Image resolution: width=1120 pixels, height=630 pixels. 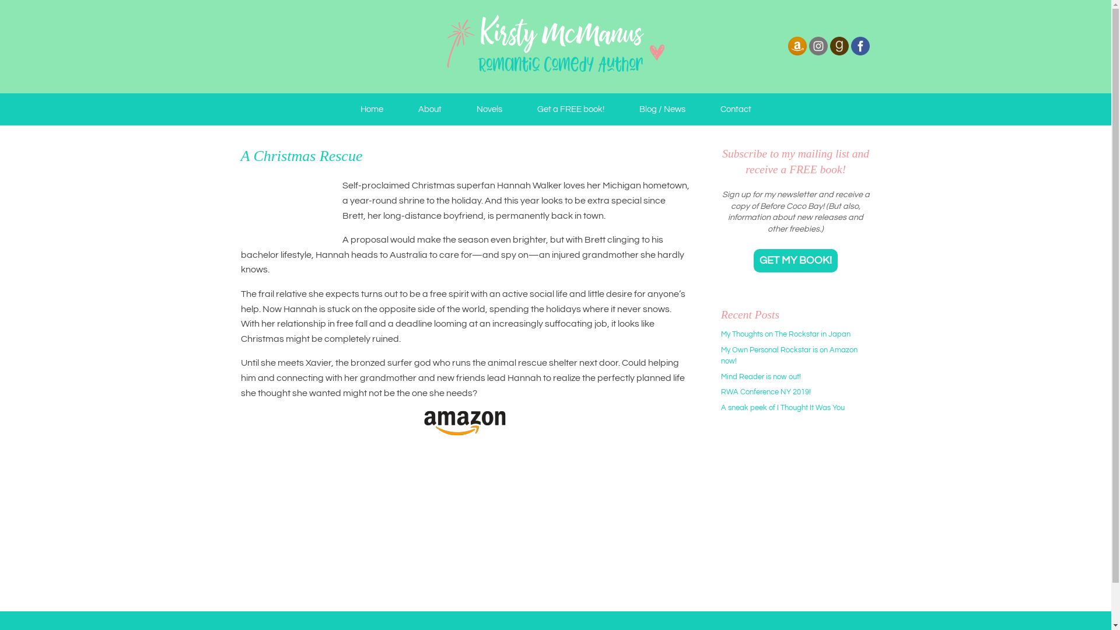 What do you see at coordinates (554, 46) in the screenshot?
I see `'Kirsty McManus'` at bounding box center [554, 46].